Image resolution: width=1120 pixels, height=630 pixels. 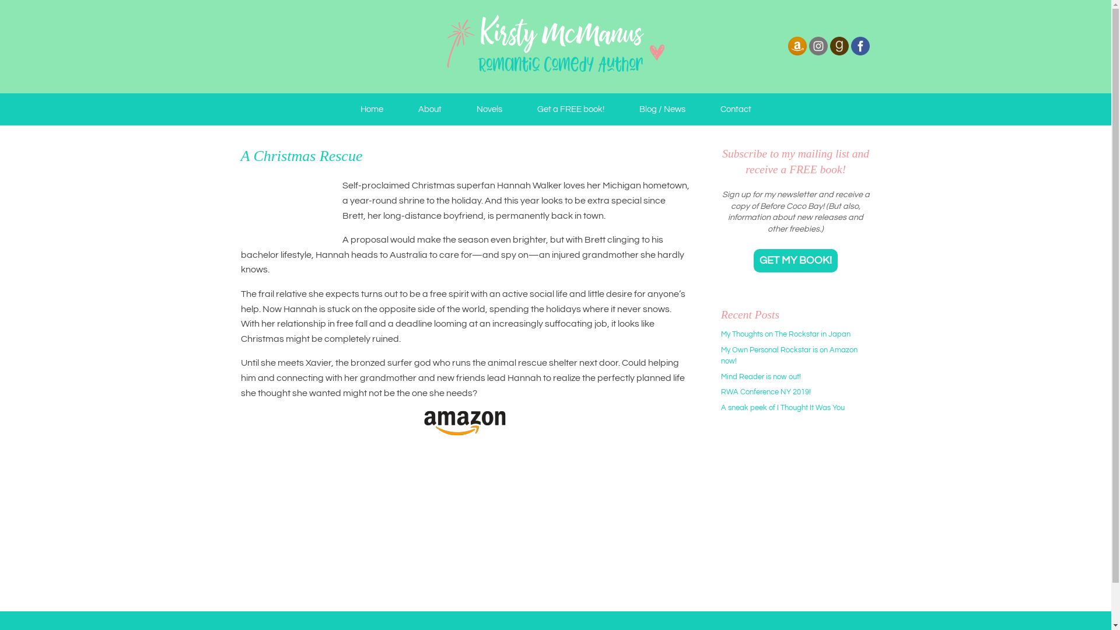 What do you see at coordinates (554, 46) in the screenshot?
I see `'Kirsty McManus'` at bounding box center [554, 46].